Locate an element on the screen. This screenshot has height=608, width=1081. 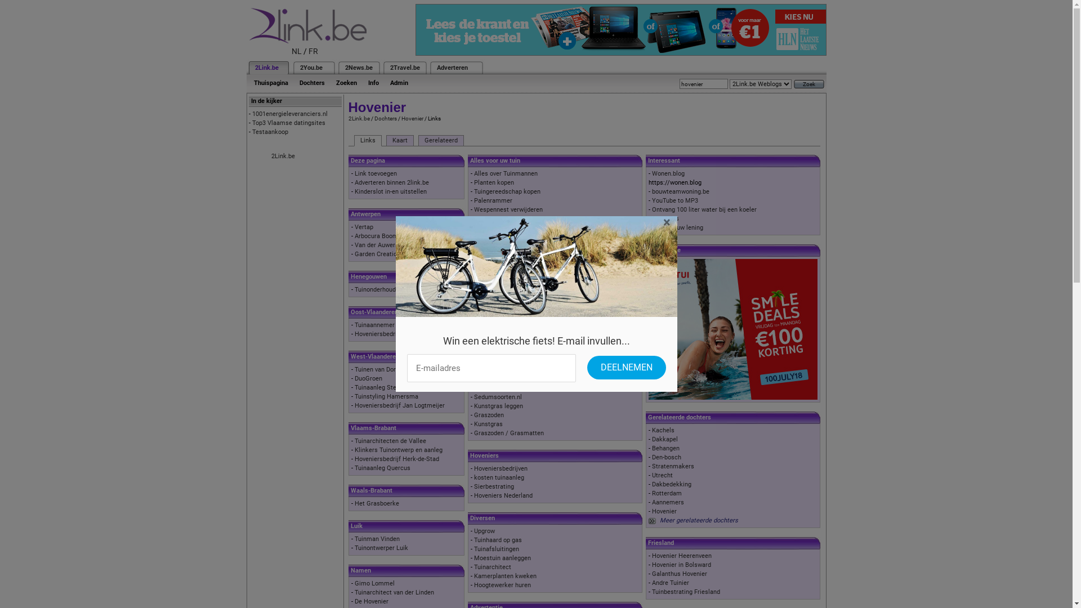
'Wanneer buxus snoeien' is located at coordinates (507, 218).